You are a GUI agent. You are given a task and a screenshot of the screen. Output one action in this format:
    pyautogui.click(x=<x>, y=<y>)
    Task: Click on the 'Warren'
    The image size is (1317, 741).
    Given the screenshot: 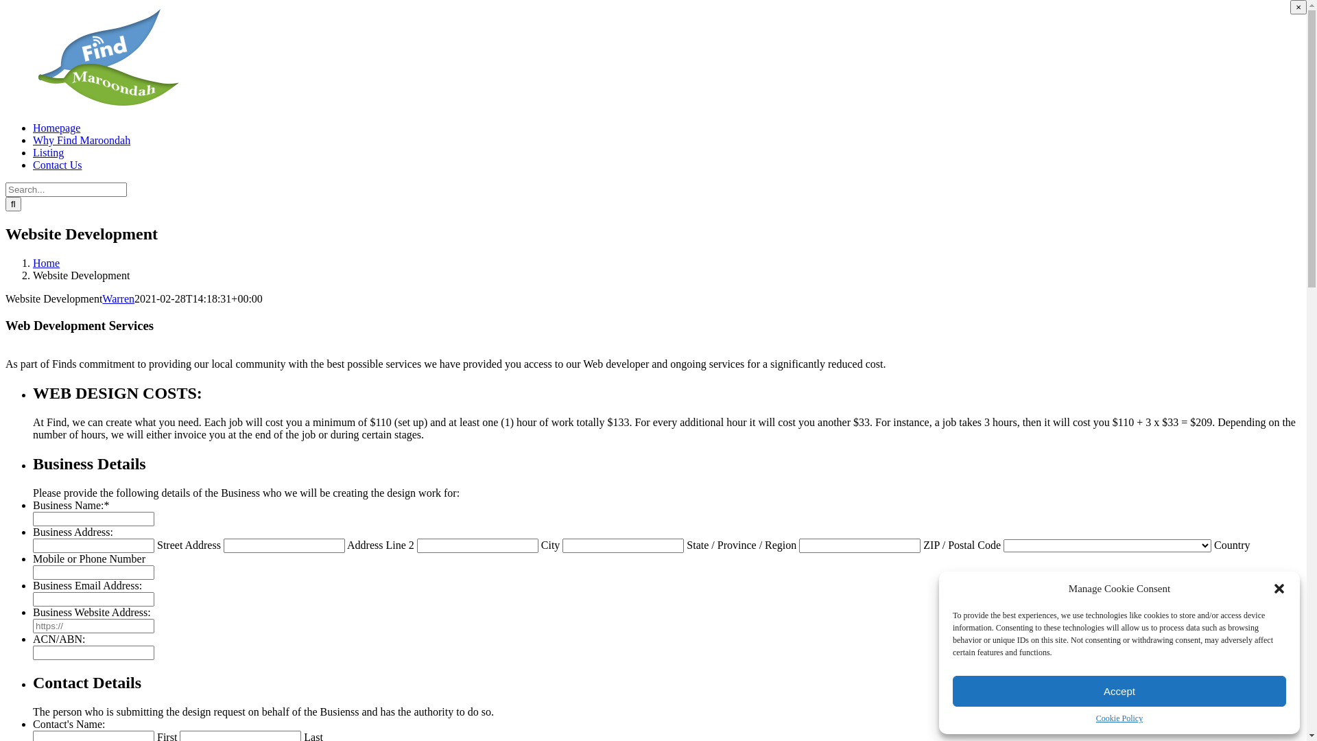 What is the action you would take?
    pyautogui.click(x=101, y=298)
    